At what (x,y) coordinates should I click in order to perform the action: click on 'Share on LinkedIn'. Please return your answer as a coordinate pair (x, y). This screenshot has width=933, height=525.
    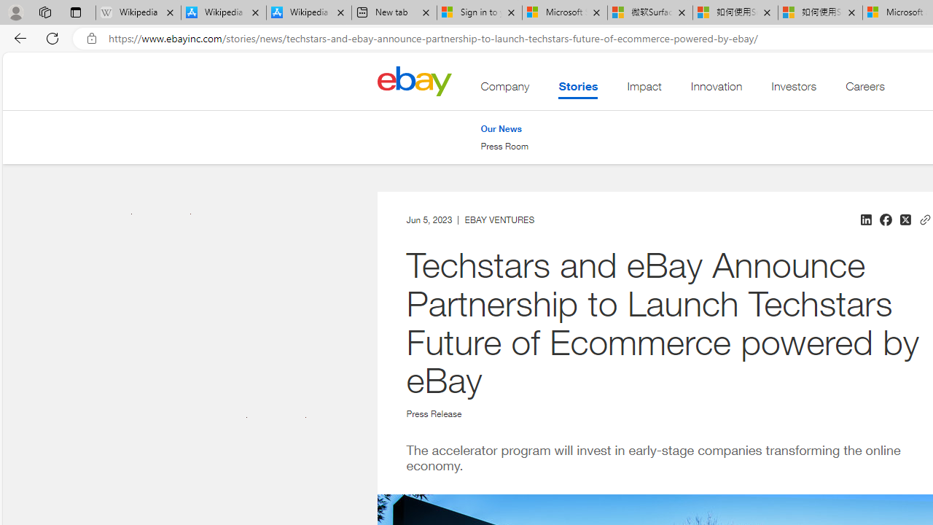
    Looking at the image, I should click on (865, 219).